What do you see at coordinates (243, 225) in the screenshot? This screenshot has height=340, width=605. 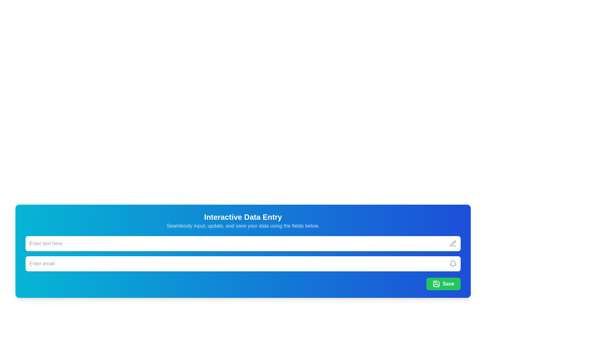 I see `the static text element that contains the sentence 'Seamlessly input, update, and save your data using the fields below.' which is located below the header 'Interactive Data Entry' and above the form input fields` at bounding box center [243, 225].